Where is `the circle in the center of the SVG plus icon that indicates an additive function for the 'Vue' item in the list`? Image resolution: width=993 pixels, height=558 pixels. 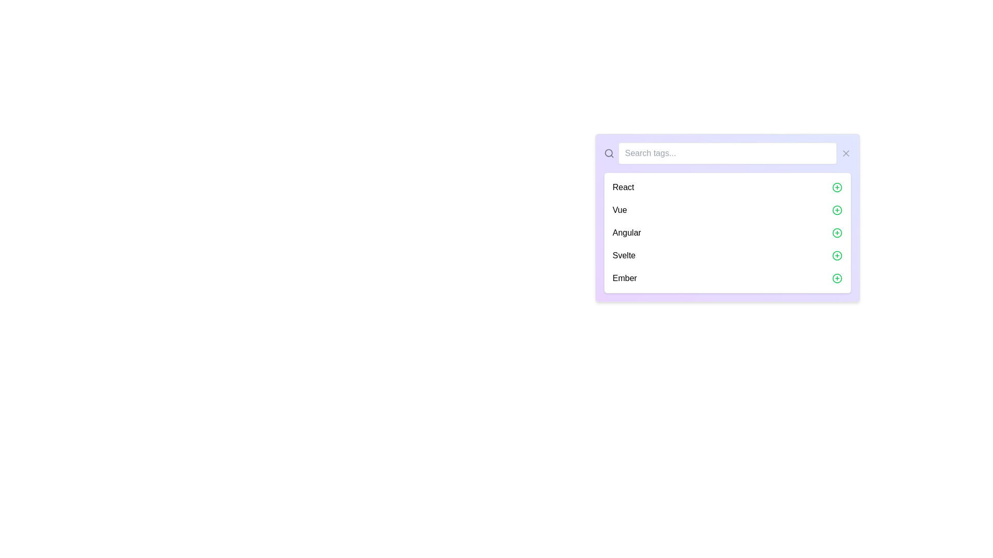 the circle in the center of the SVG plus icon that indicates an additive function for the 'Vue' item in the list is located at coordinates (837, 210).